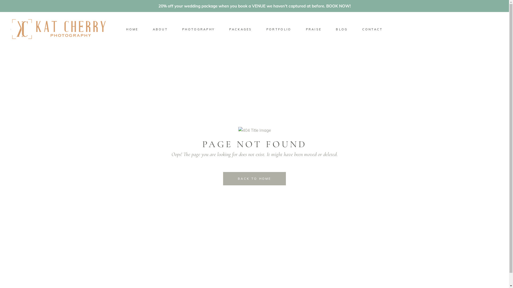 Image resolution: width=513 pixels, height=288 pixels. Describe the element at coordinates (132, 29) in the screenshot. I see `'HOME'` at that location.